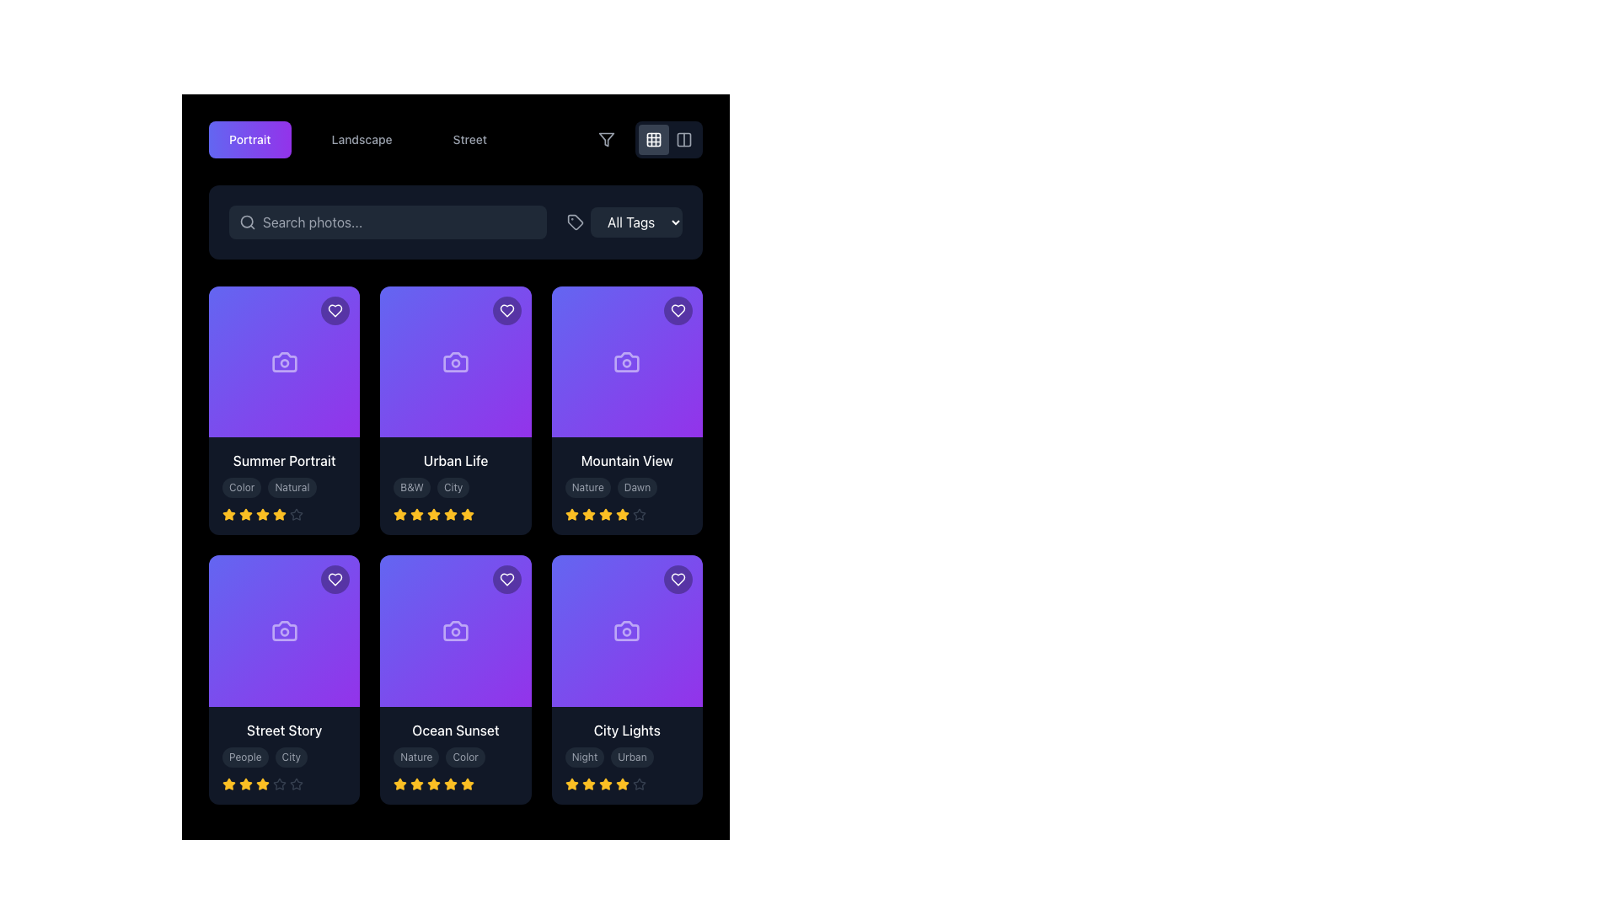  What do you see at coordinates (361, 138) in the screenshot?
I see `the 'Landscape' button, which is the second option in a horizontal list of three buttons labeled 'Portrait', 'Landscape', and 'Street'` at bounding box center [361, 138].